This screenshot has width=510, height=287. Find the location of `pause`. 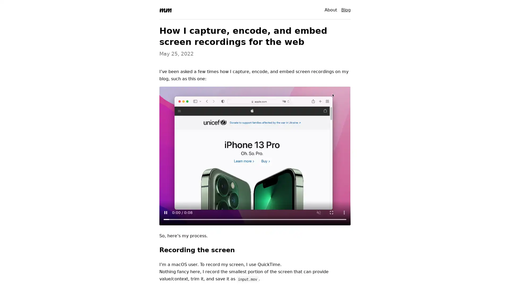

pause is located at coordinates (165, 212).